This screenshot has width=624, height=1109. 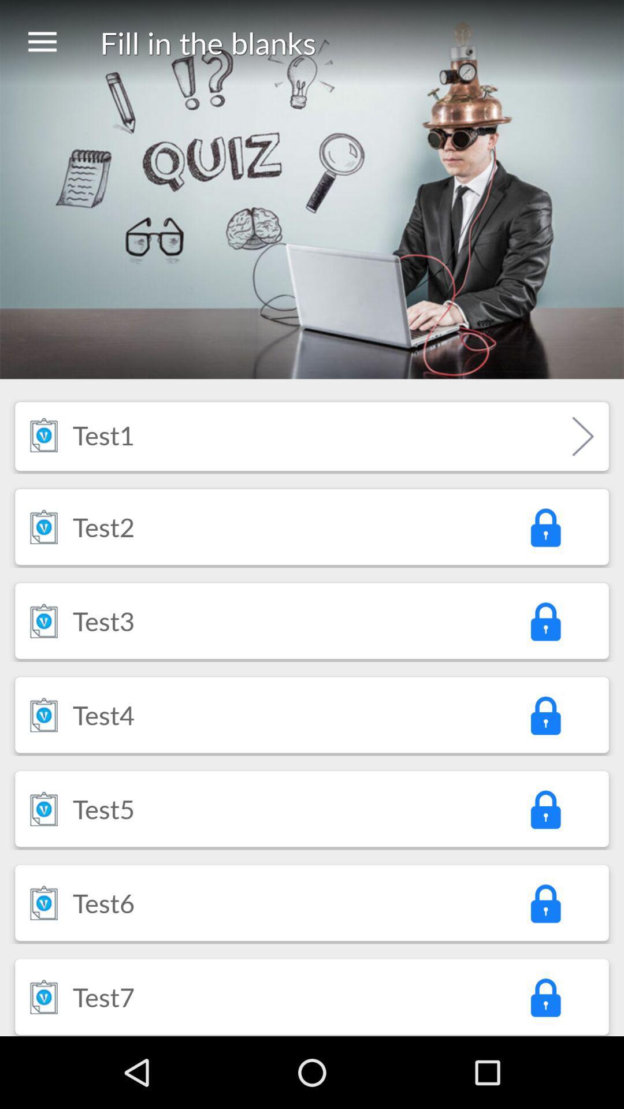 What do you see at coordinates (42, 42) in the screenshot?
I see `icon to the left of fill in the icon` at bounding box center [42, 42].